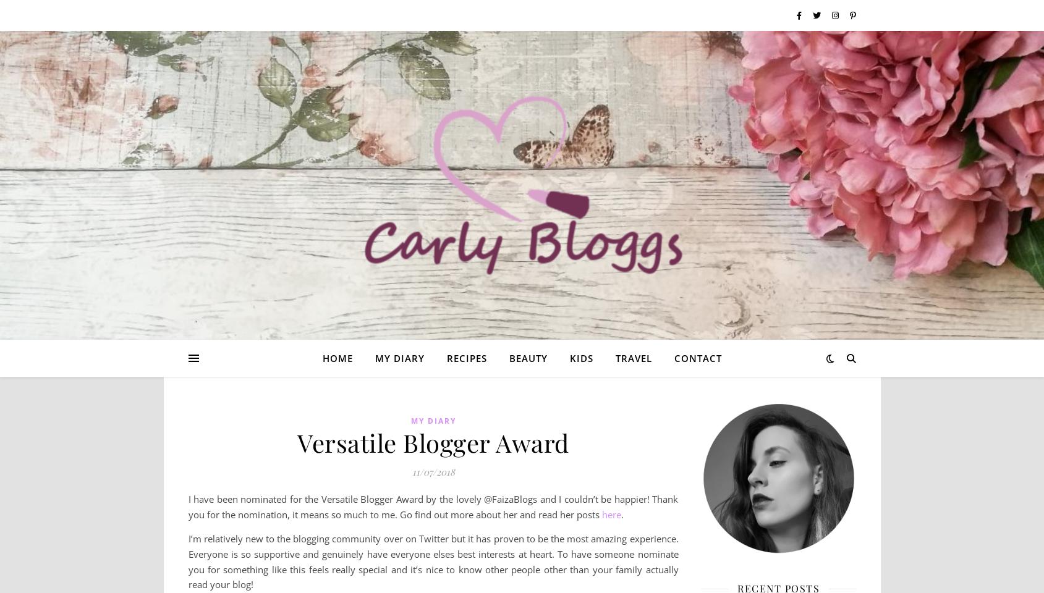  Describe the element at coordinates (297, 442) in the screenshot. I see `'Versatile Blogger Award'` at that location.